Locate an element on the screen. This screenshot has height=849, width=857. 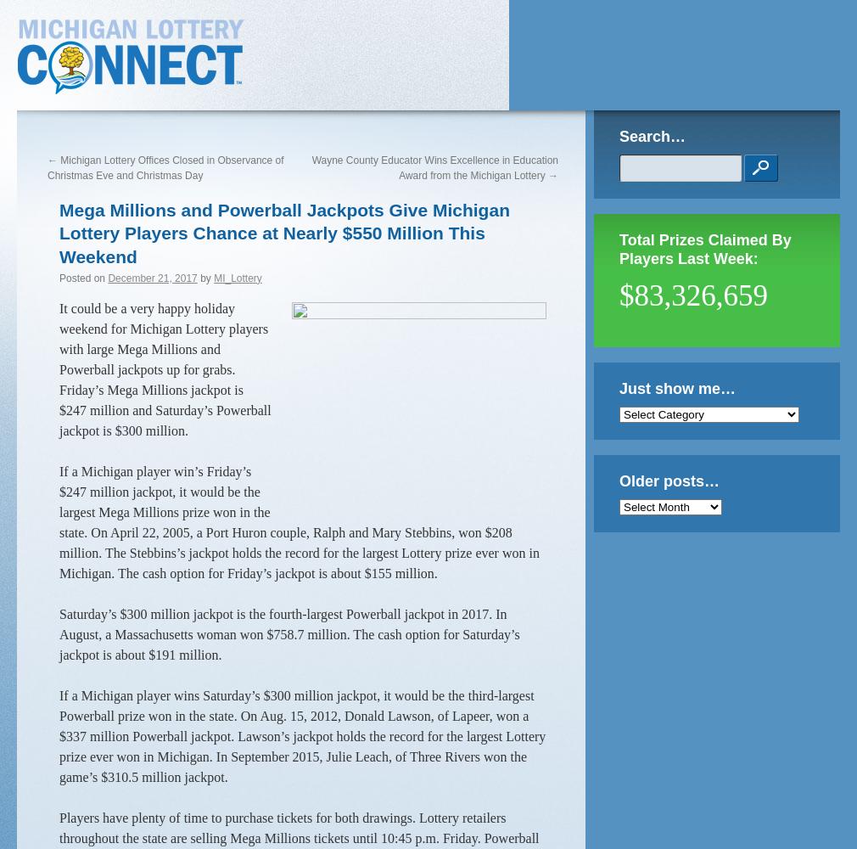
'Michigan Lottery Offices Closed in Observance of Christmas Eve and Christmas Day' is located at coordinates (165, 167).